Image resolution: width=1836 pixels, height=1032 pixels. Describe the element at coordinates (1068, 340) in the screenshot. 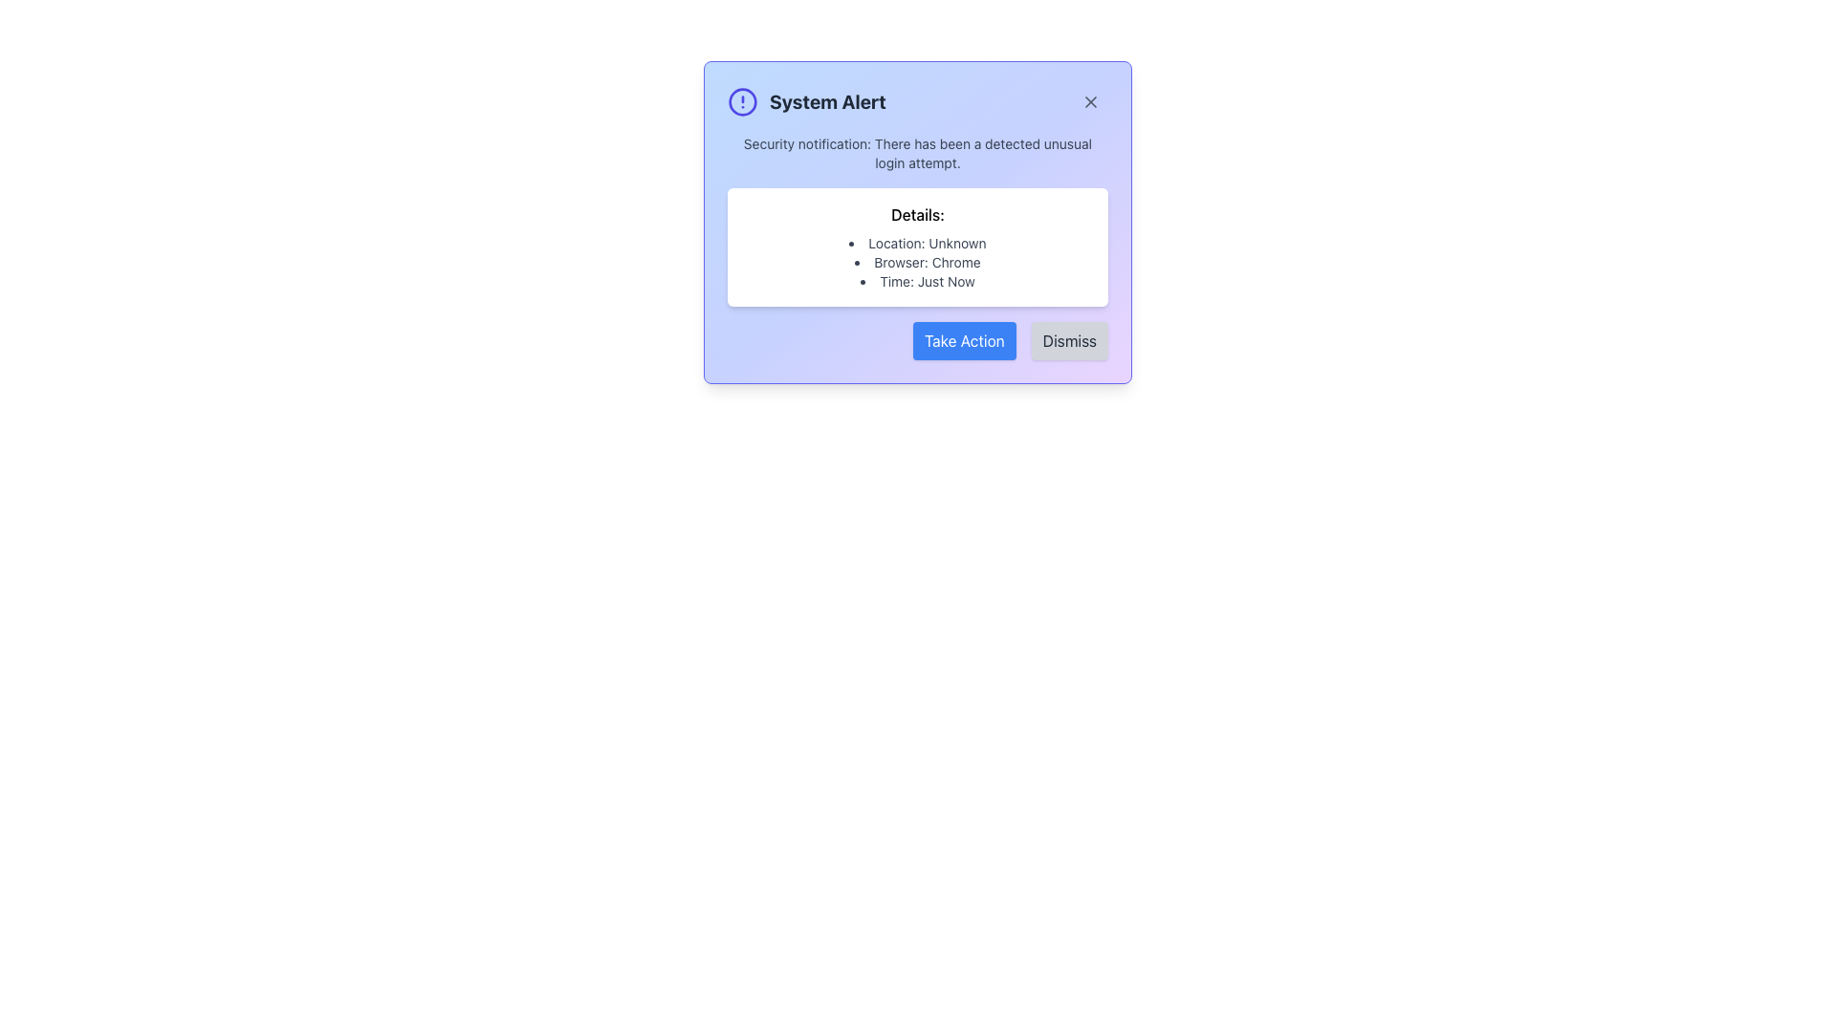

I see `the dismiss button located in the bottom-right corner of the dialog box` at that location.